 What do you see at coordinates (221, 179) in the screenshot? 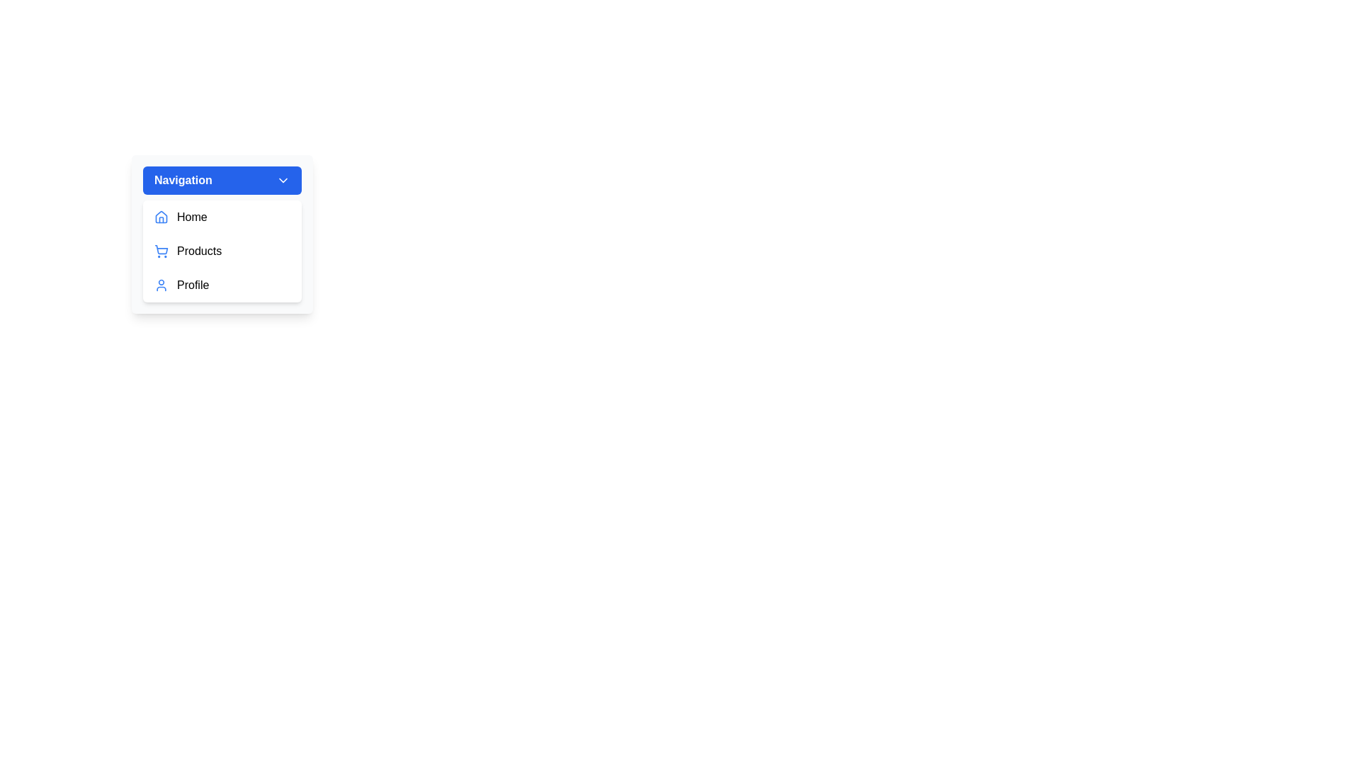
I see `the menu toggle button to toggle the menu visibility` at bounding box center [221, 179].